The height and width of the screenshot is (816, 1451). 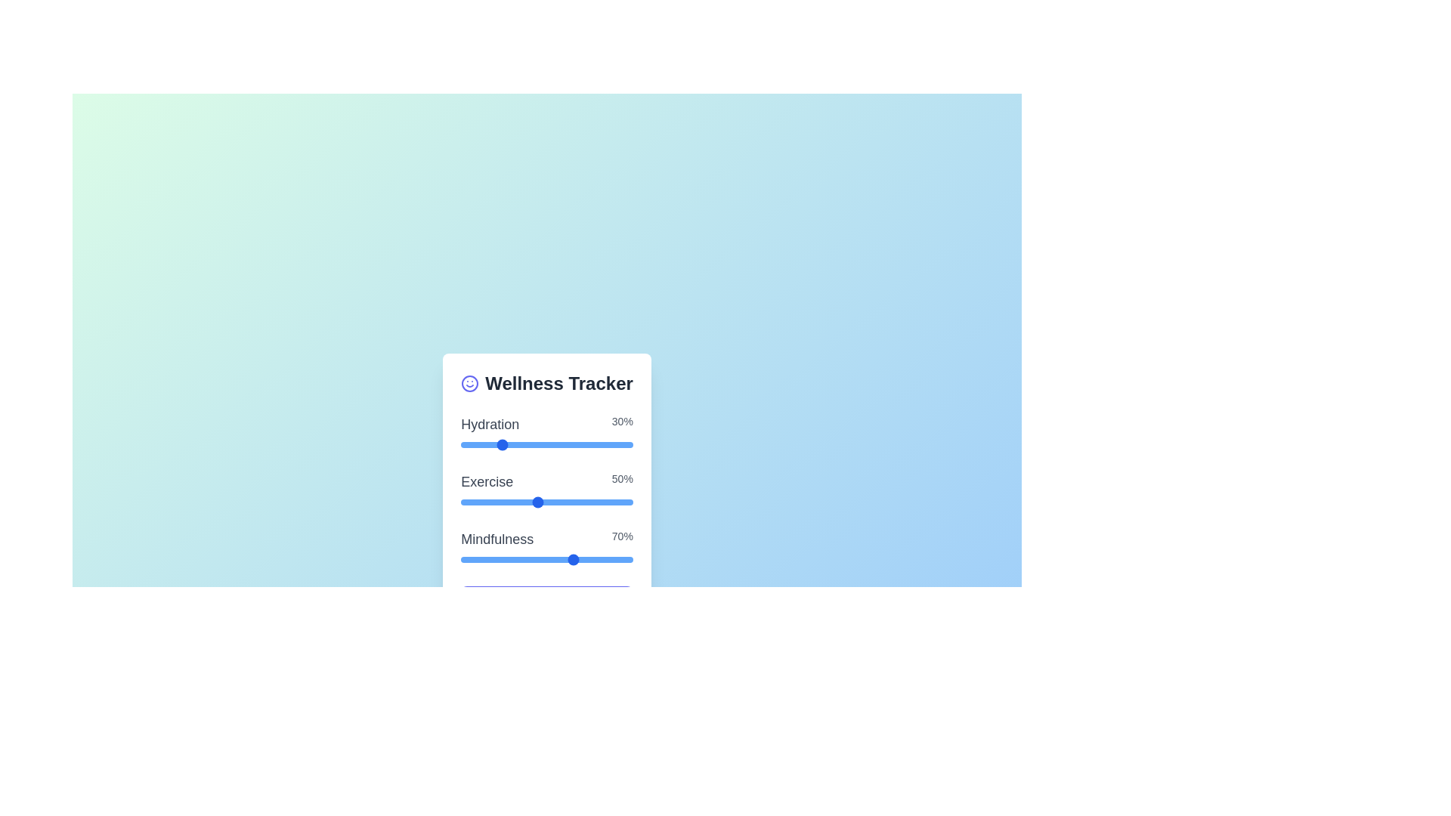 What do you see at coordinates (469, 383) in the screenshot?
I see `the icon beside 'Wellness Tracker'` at bounding box center [469, 383].